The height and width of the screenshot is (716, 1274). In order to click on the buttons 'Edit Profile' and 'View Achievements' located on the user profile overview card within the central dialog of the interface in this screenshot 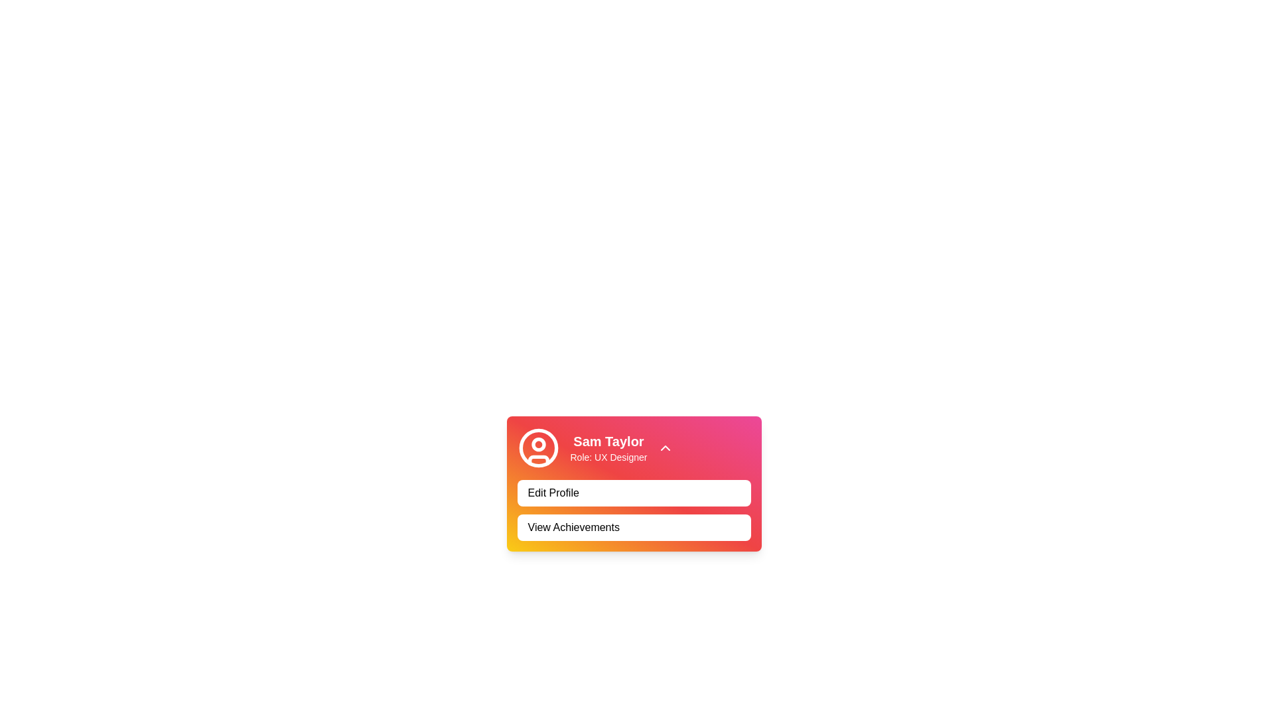, I will do `click(633, 483)`.